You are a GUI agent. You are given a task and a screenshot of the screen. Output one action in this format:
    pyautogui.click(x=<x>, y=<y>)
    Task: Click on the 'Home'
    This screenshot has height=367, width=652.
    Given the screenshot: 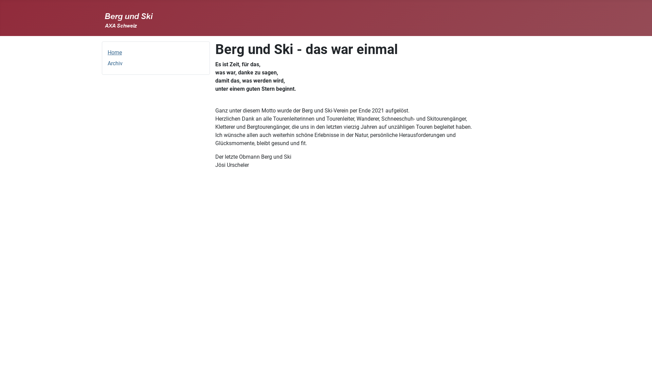 What is the action you would take?
    pyautogui.click(x=114, y=52)
    